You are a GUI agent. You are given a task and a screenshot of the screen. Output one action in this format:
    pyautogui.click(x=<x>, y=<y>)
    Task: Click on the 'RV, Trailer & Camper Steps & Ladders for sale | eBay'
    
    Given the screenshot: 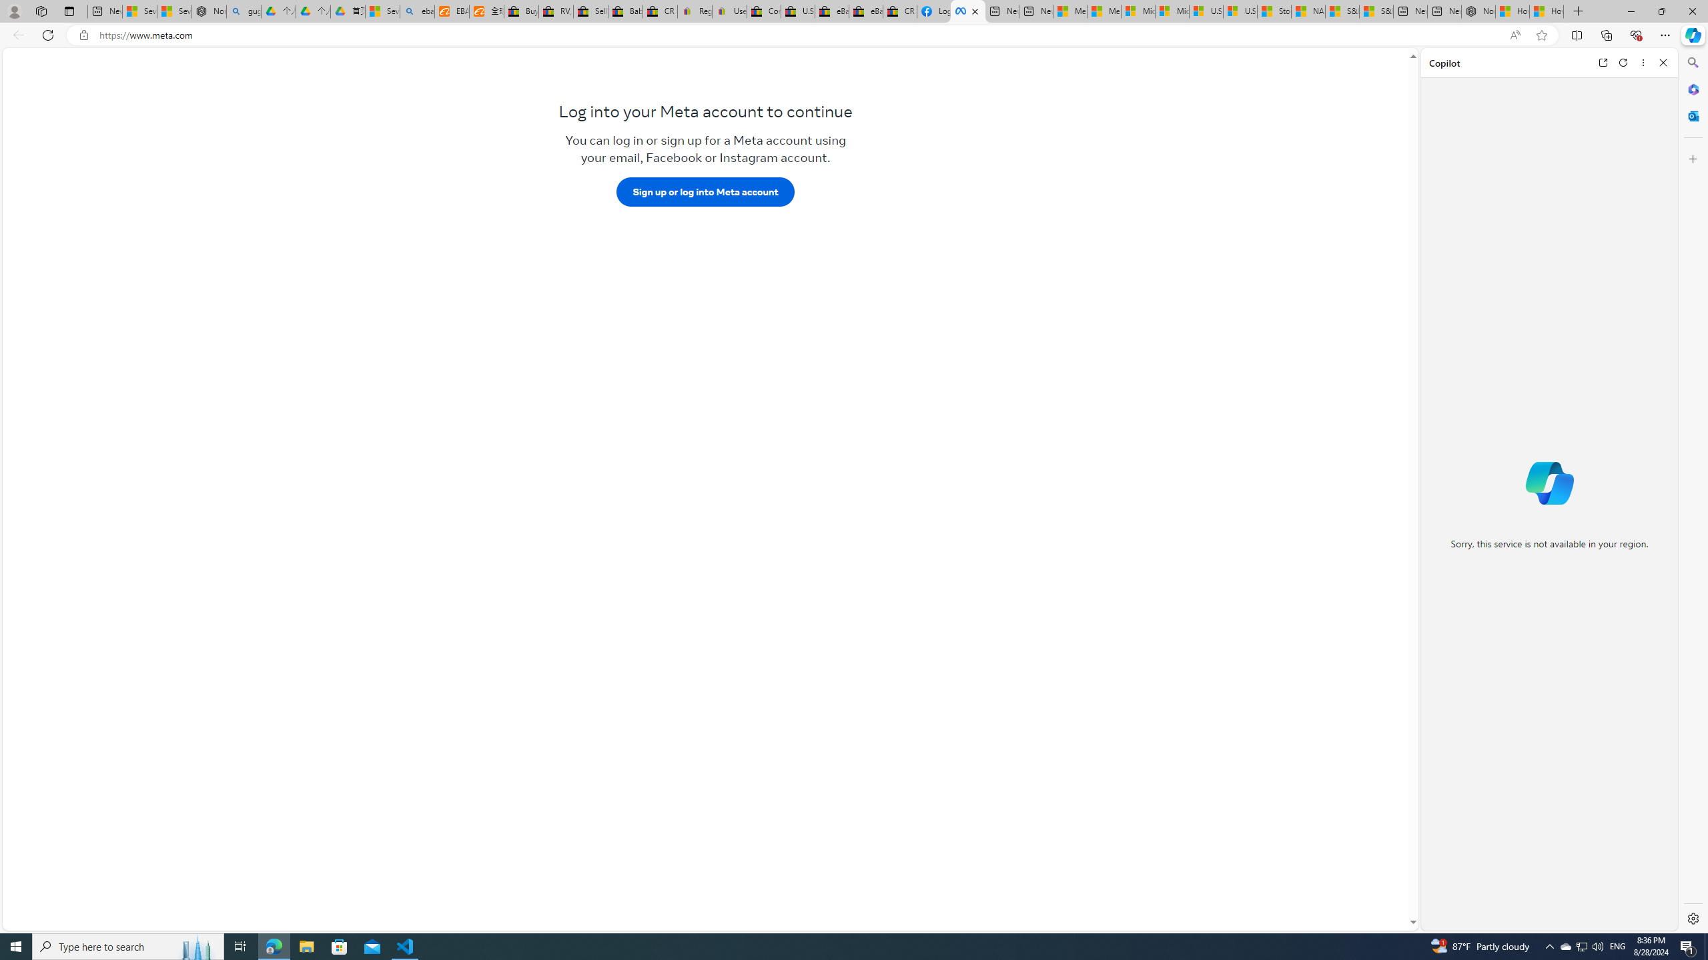 What is the action you would take?
    pyautogui.click(x=555, y=11)
    